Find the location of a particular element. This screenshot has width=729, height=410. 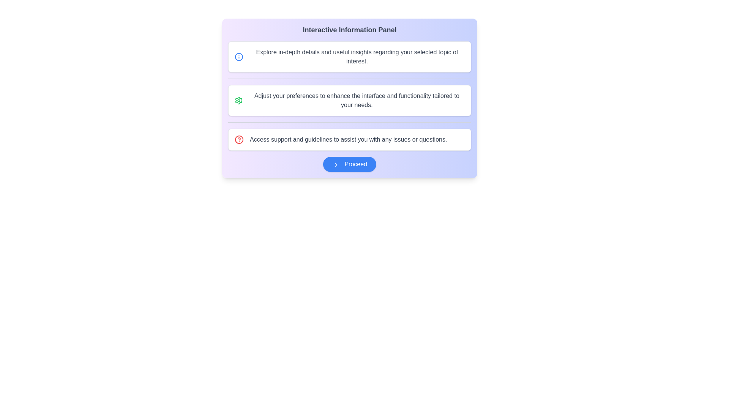

descriptive text from the second interactive Informational Box located between the 'Explore in-depth details and useful insights' box and the 'Access support and guidelines to assist you' box is located at coordinates (349, 100).